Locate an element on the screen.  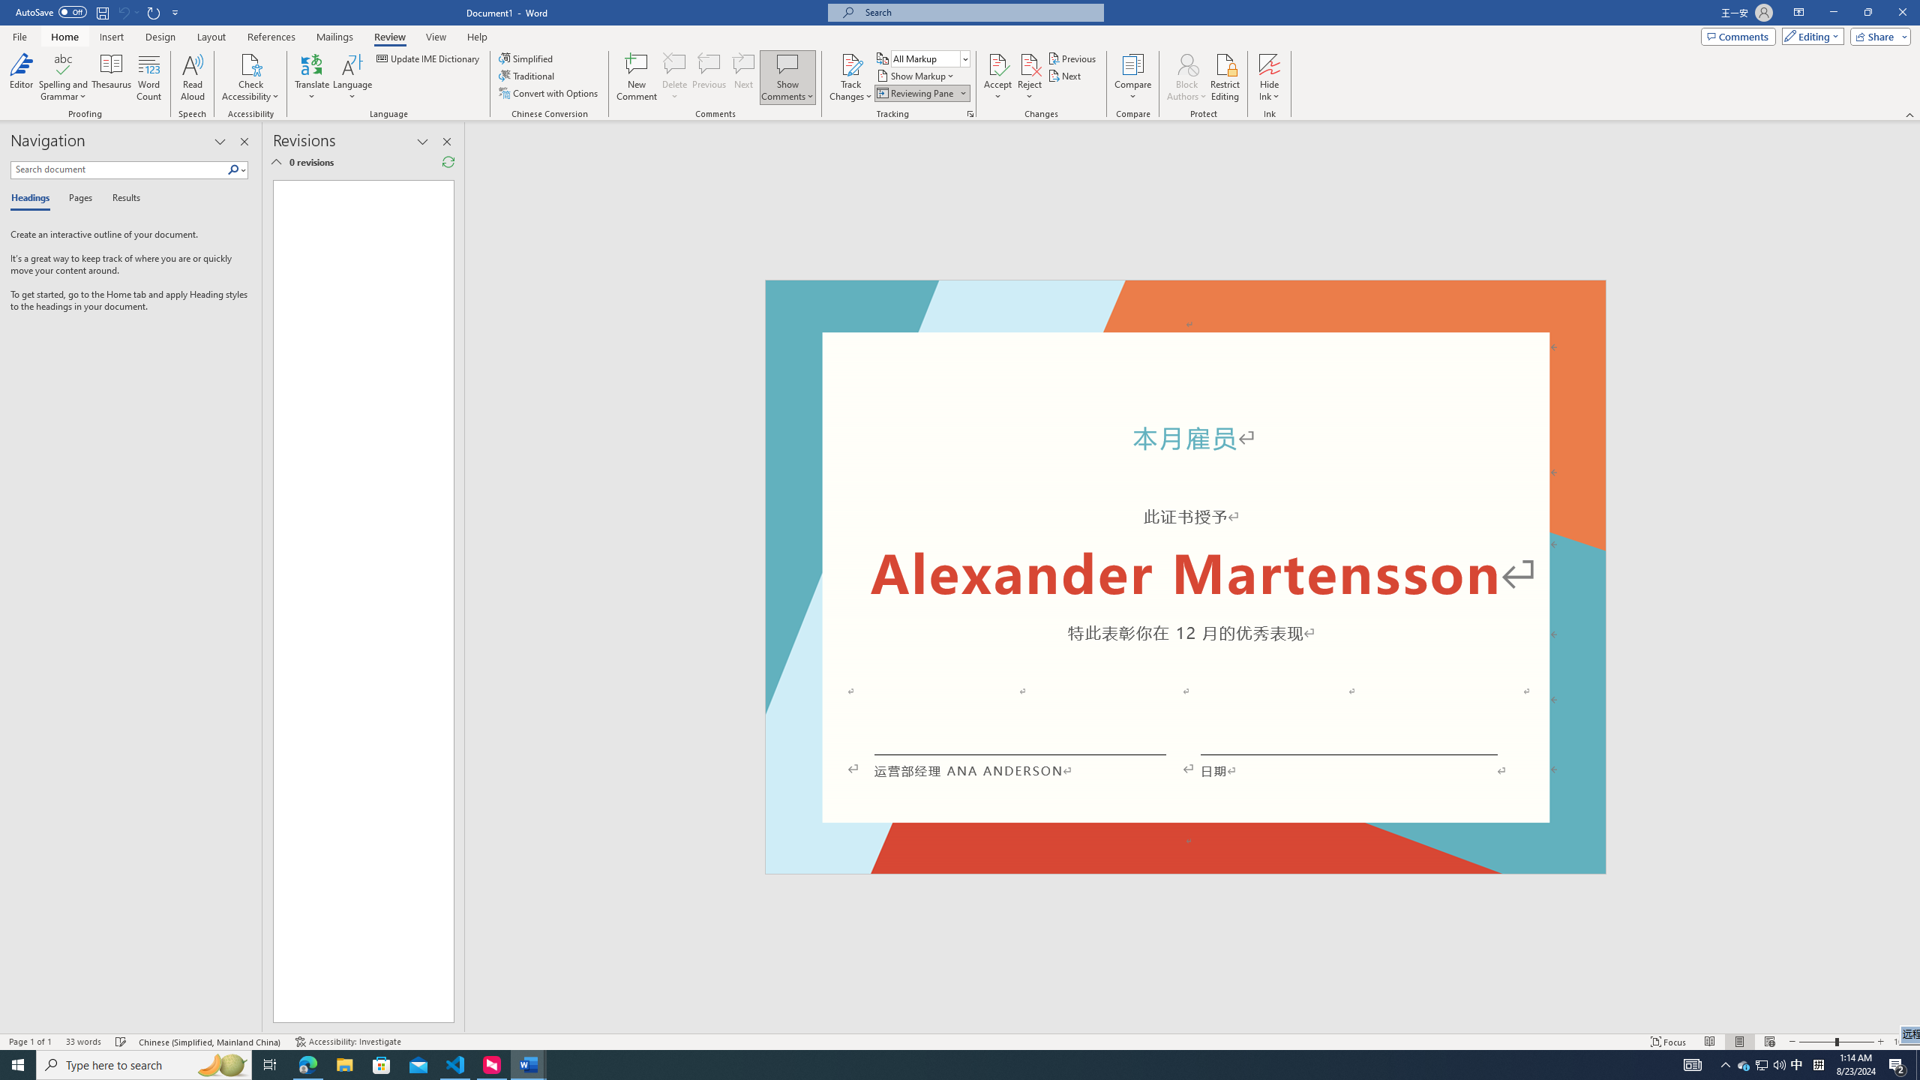
'Compare' is located at coordinates (1133, 77).